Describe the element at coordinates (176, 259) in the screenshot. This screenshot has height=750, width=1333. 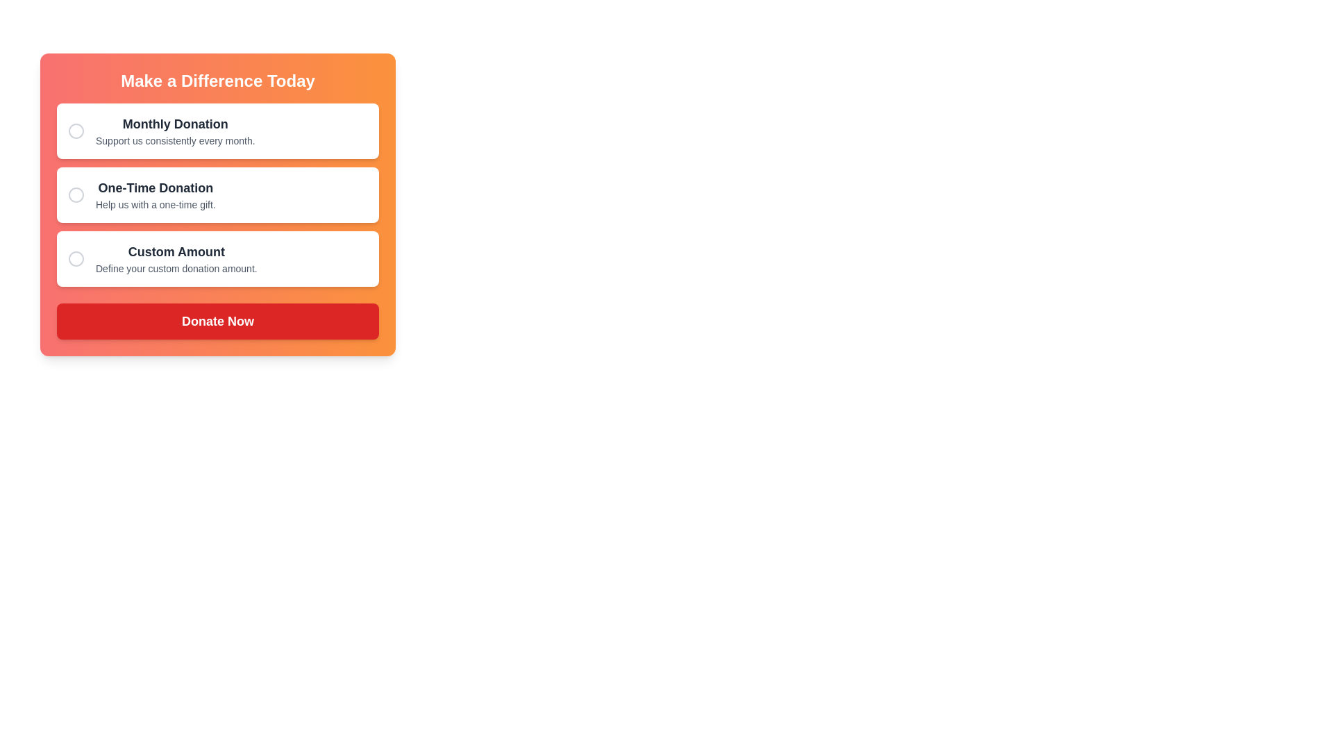
I see `the 'Custom Amount' text option in the card interface` at that location.